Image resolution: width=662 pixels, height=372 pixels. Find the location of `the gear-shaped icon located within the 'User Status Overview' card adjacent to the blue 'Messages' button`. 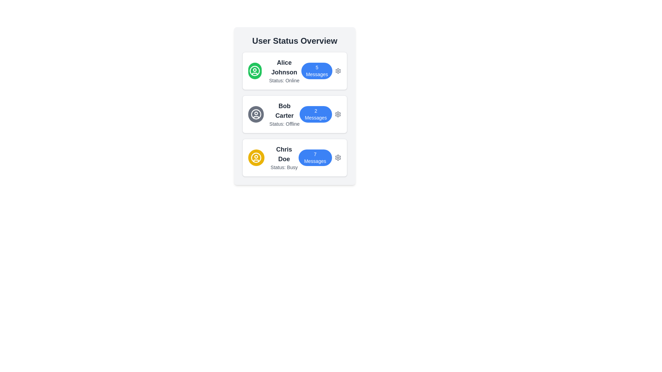

the gear-shaped icon located within the 'User Status Overview' card adjacent to the blue 'Messages' button is located at coordinates (338, 114).